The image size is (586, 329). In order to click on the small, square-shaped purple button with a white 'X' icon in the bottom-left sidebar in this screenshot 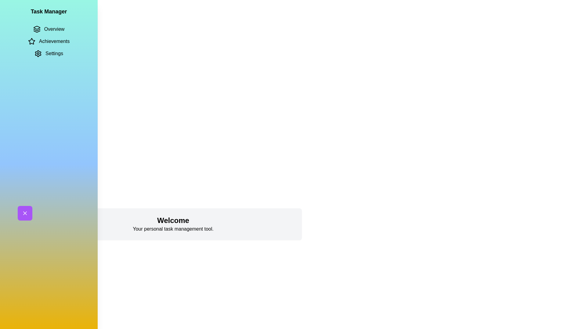, I will do `click(24, 213)`.